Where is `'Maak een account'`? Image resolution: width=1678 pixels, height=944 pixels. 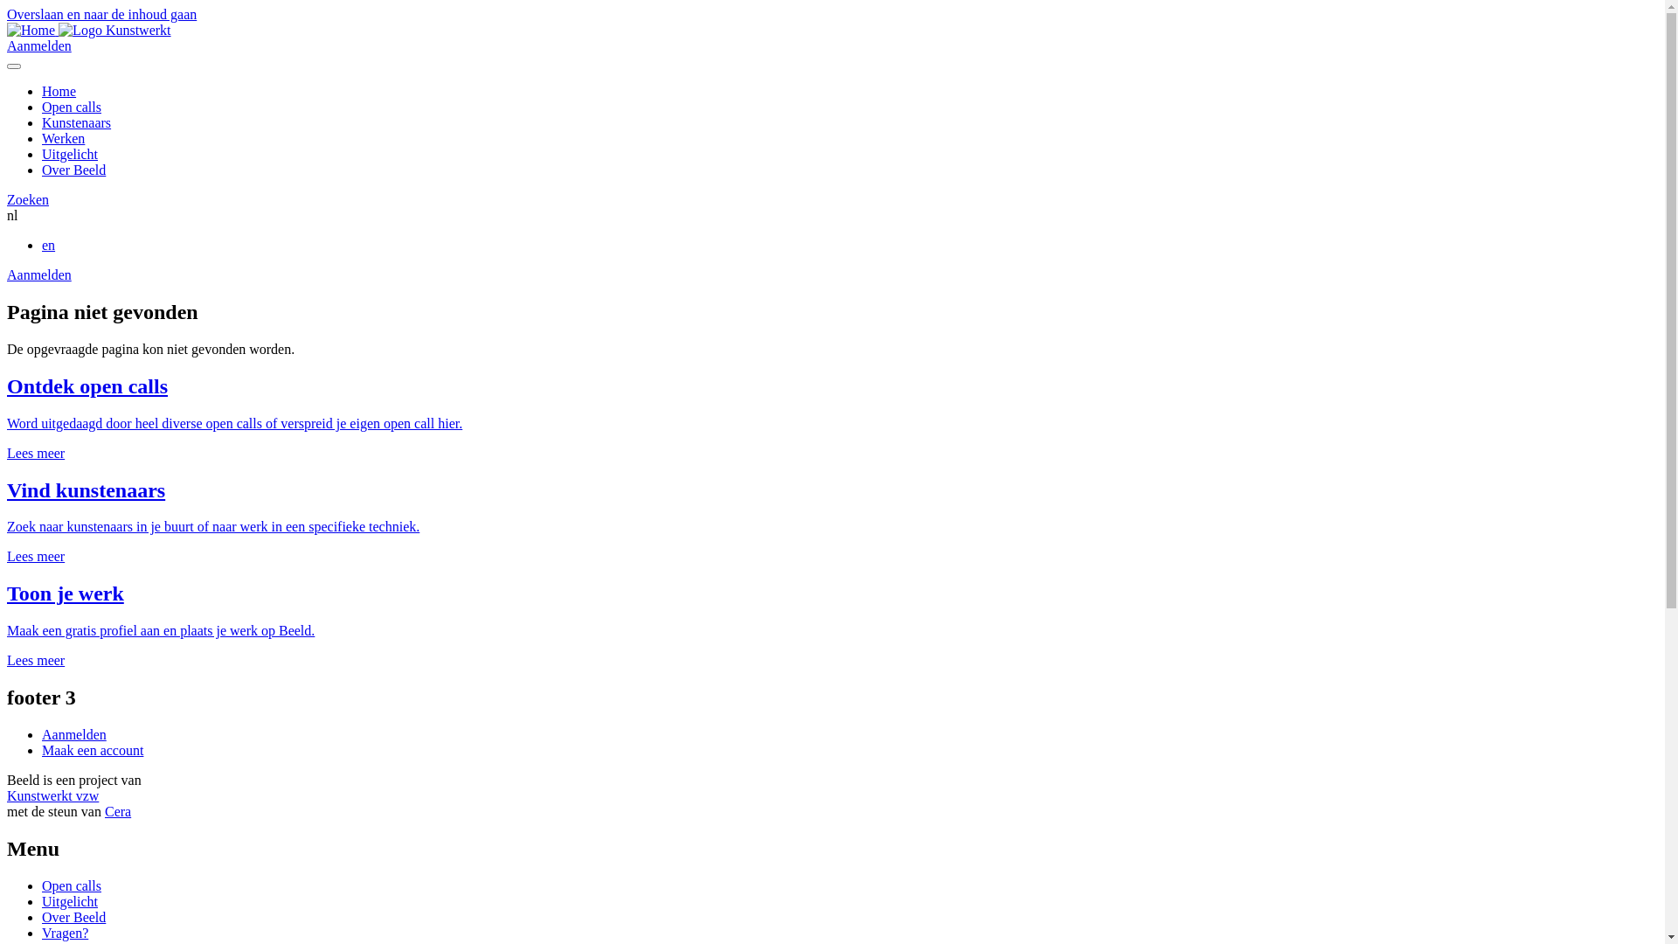
'Maak een account' is located at coordinates (91, 749).